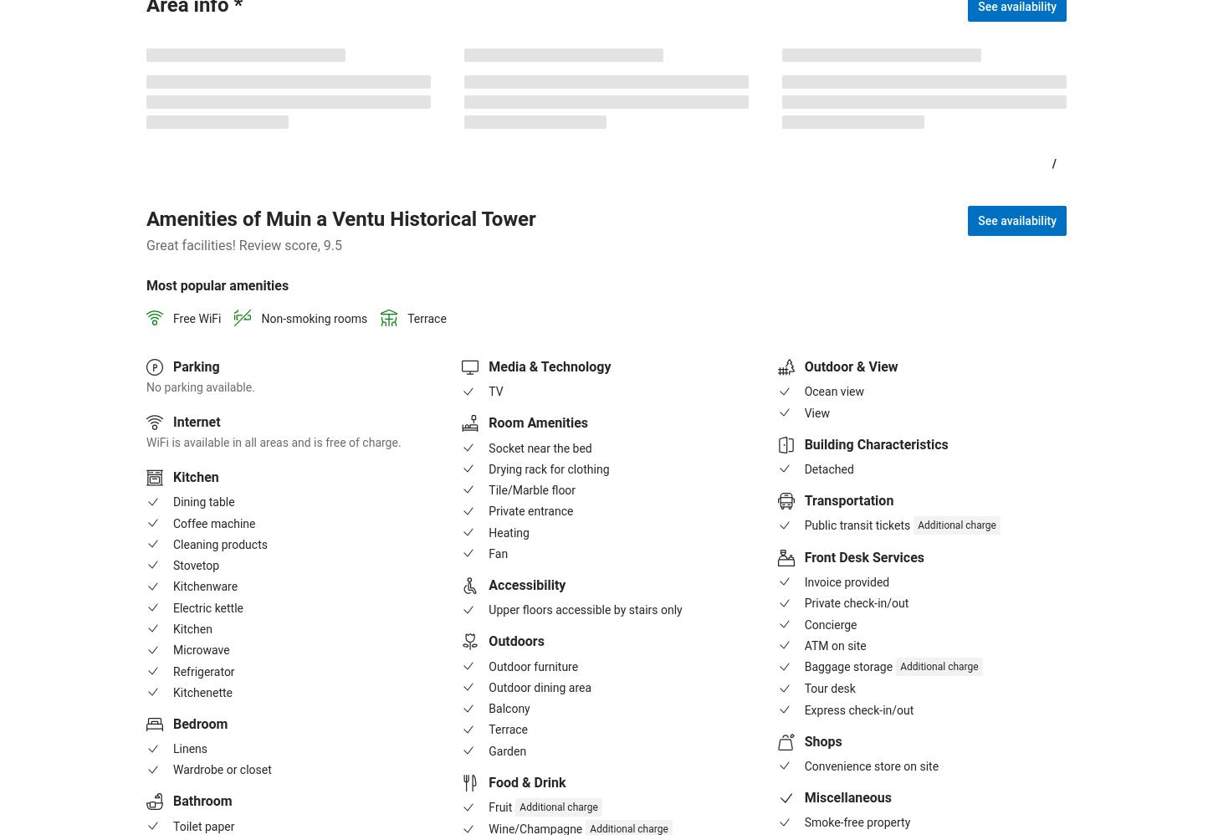  Describe the element at coordinates (822, 740) in the screenshot. I see `'Shops'` at that location.